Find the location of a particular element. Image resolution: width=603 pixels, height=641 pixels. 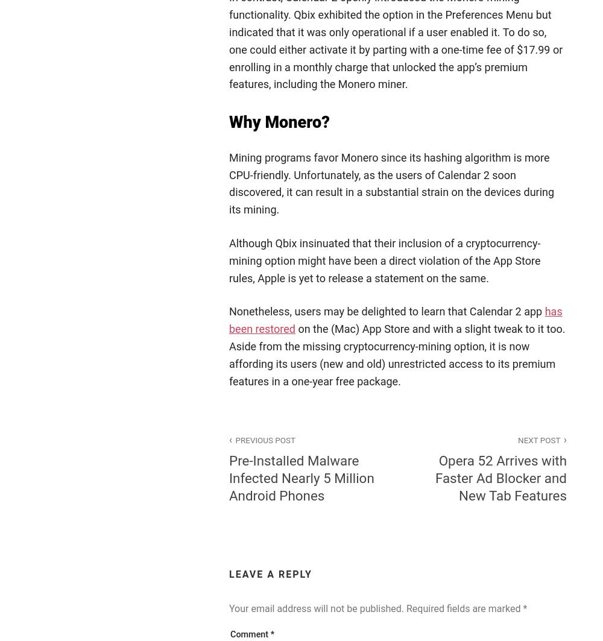

'Required fields are marked' is located at coordinates (464, 608).